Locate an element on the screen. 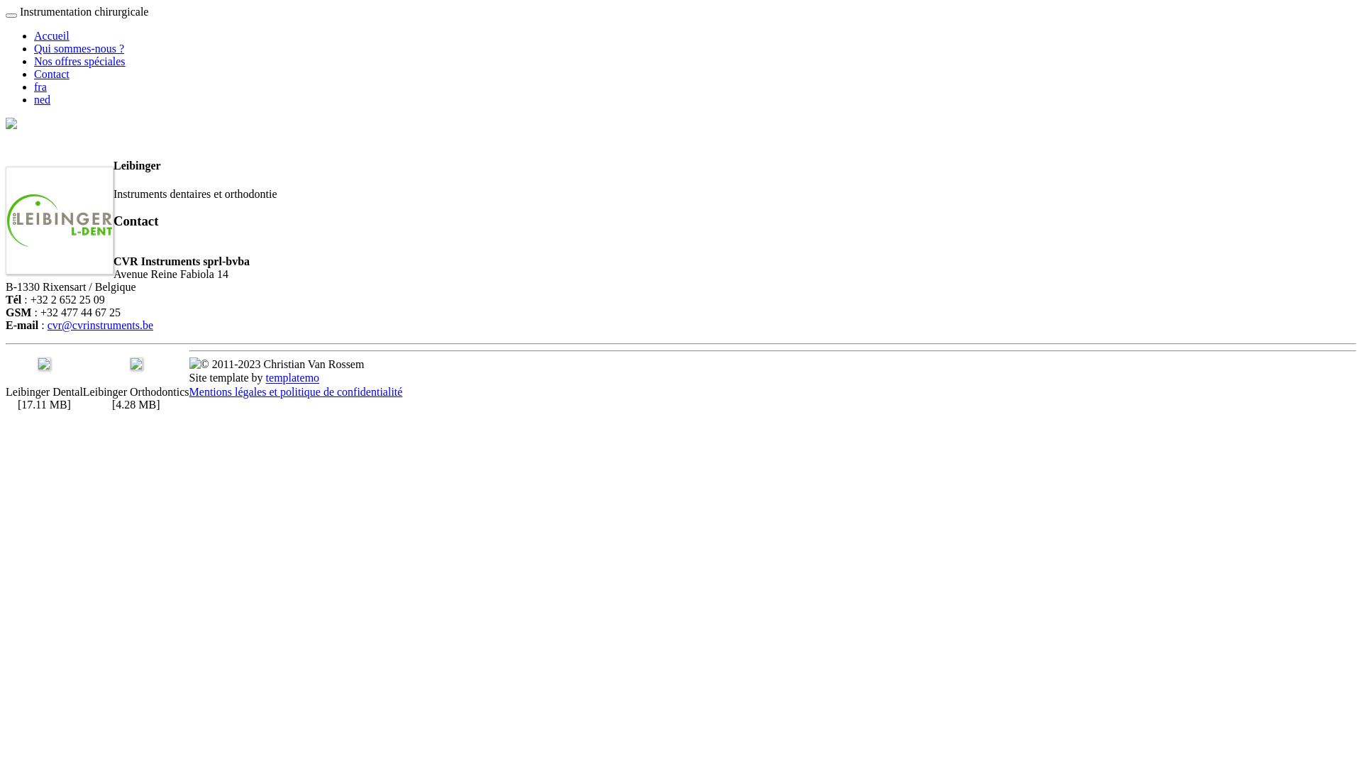  'Contact' is located at coordinates (34, 74).